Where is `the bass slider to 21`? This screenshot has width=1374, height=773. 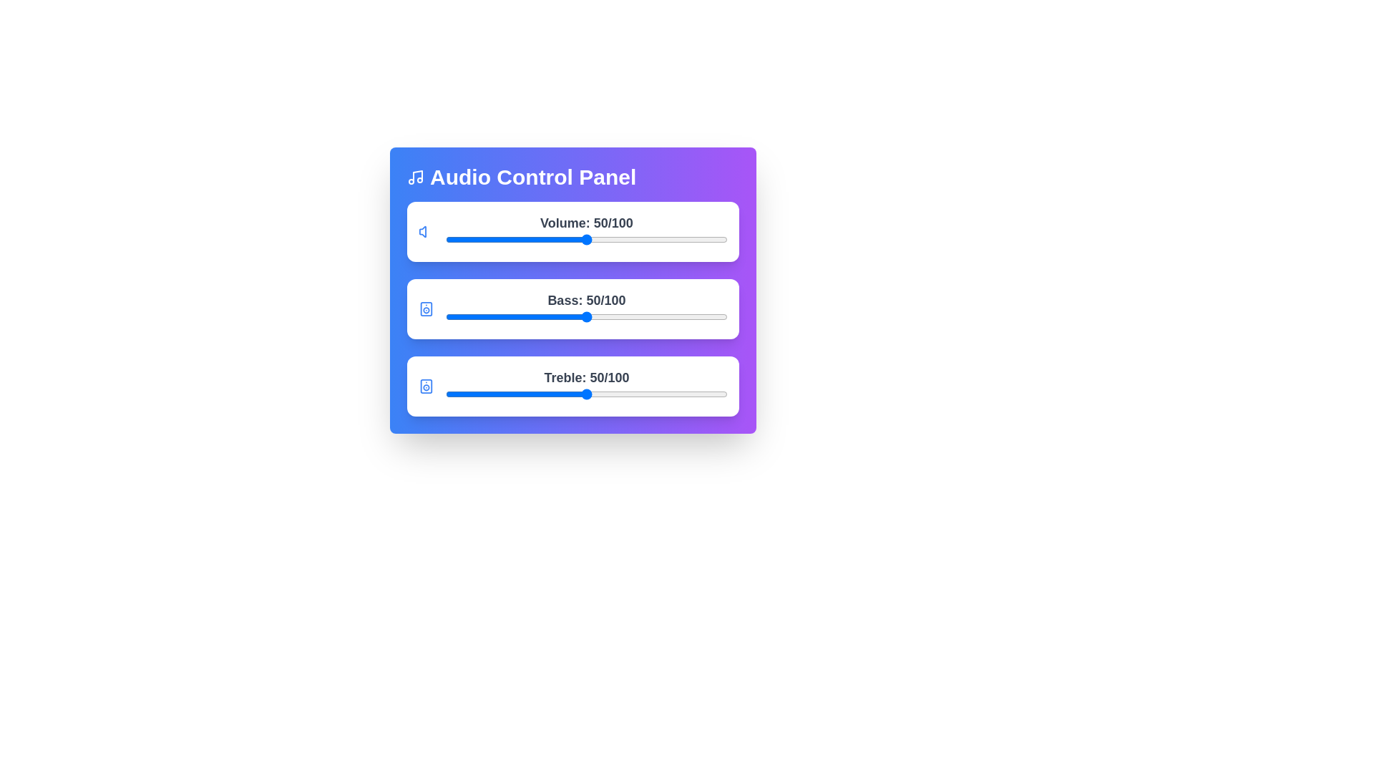 the bass slider to 21 is located at coordinates (505, 316).